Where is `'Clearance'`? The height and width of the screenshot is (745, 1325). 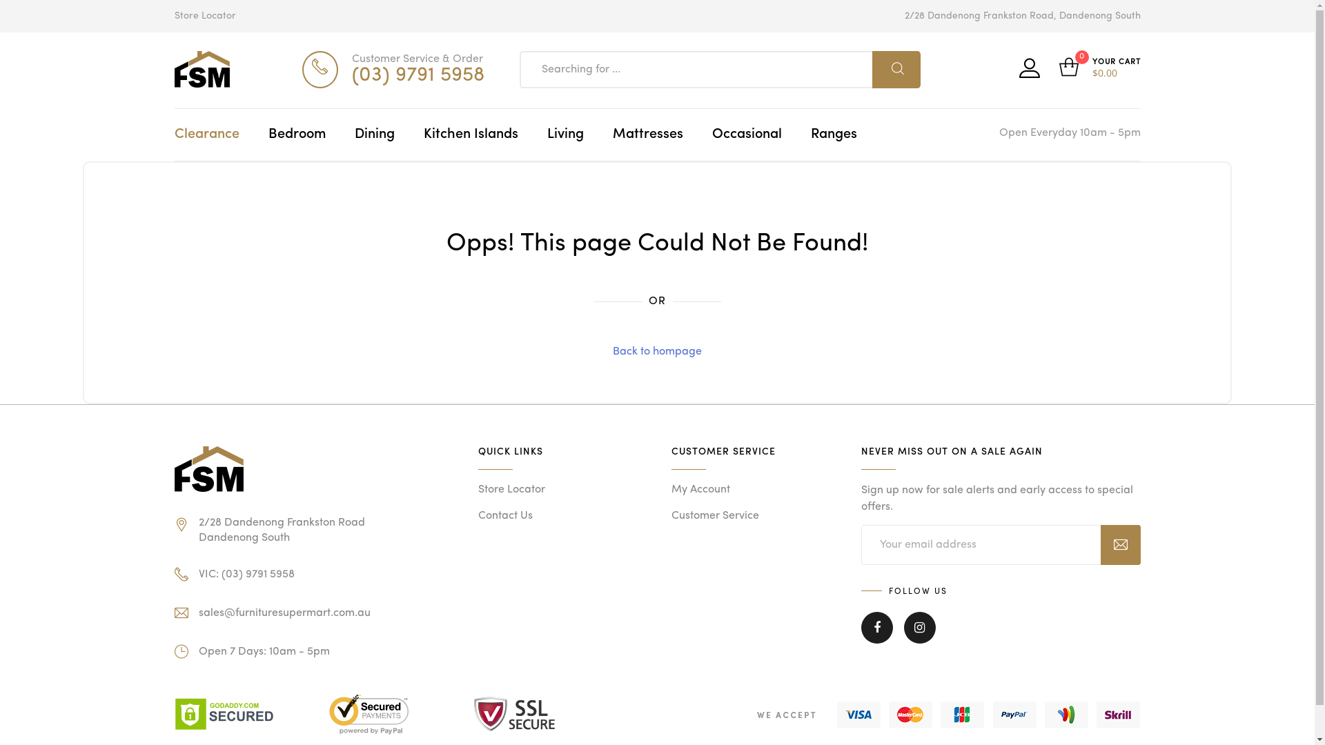 'Clearance' is located at coordinates (205, 135).